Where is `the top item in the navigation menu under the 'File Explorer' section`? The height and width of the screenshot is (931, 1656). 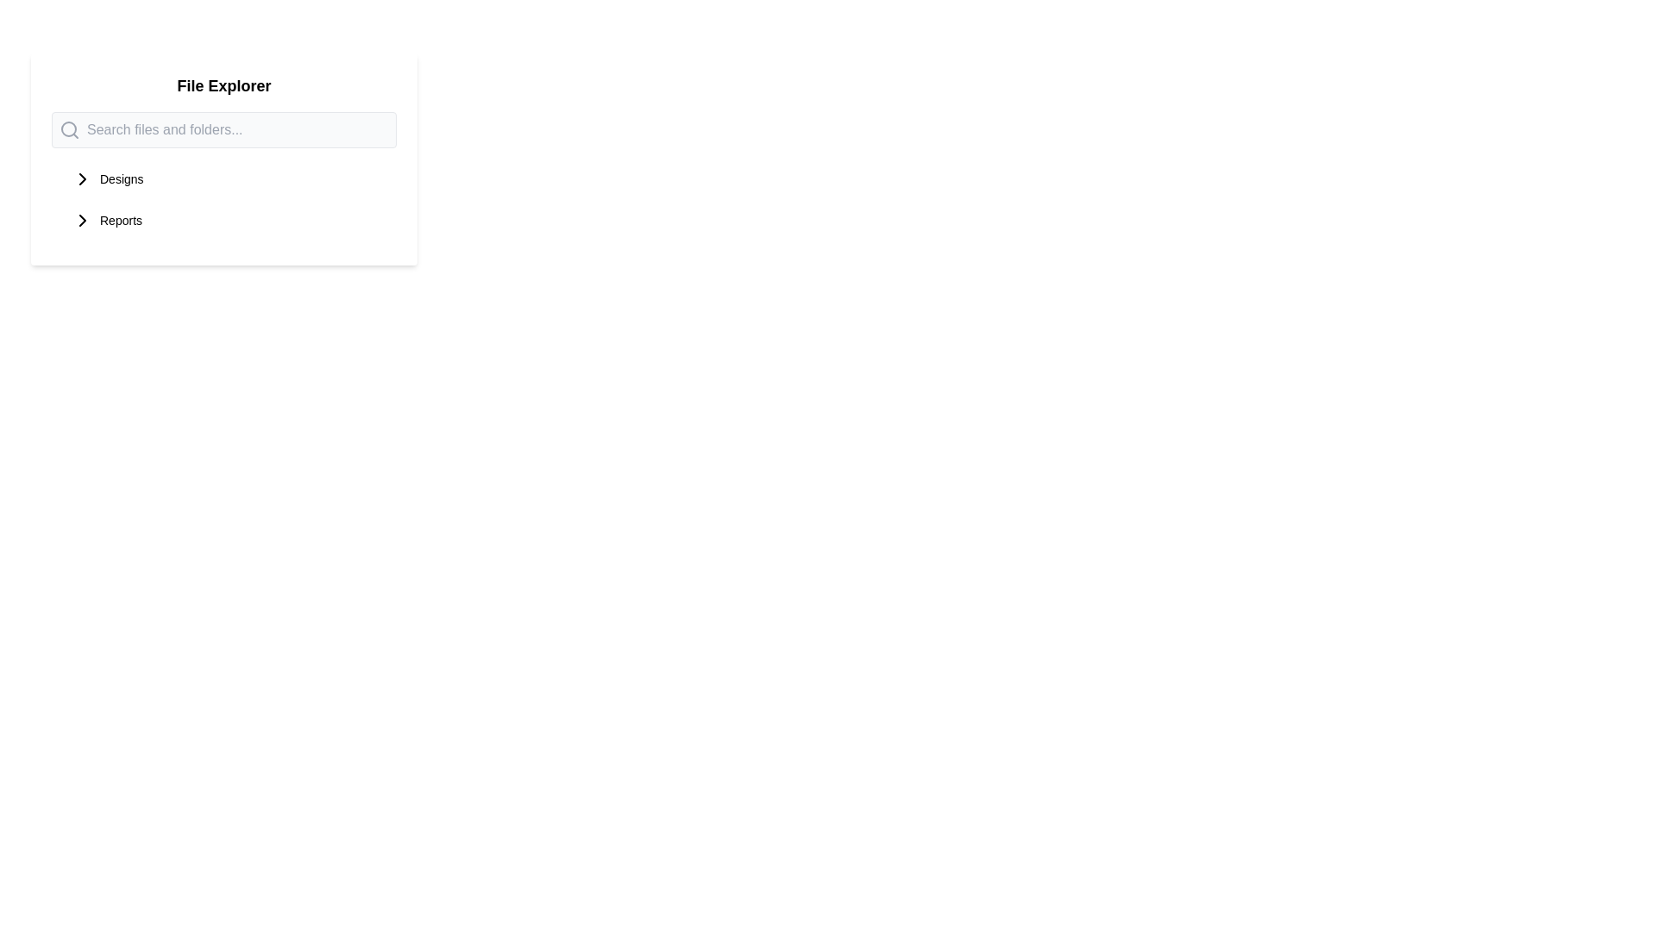
the top item in the navigation menu under the 'File Explorer' section is located at coordinates (230, 179).